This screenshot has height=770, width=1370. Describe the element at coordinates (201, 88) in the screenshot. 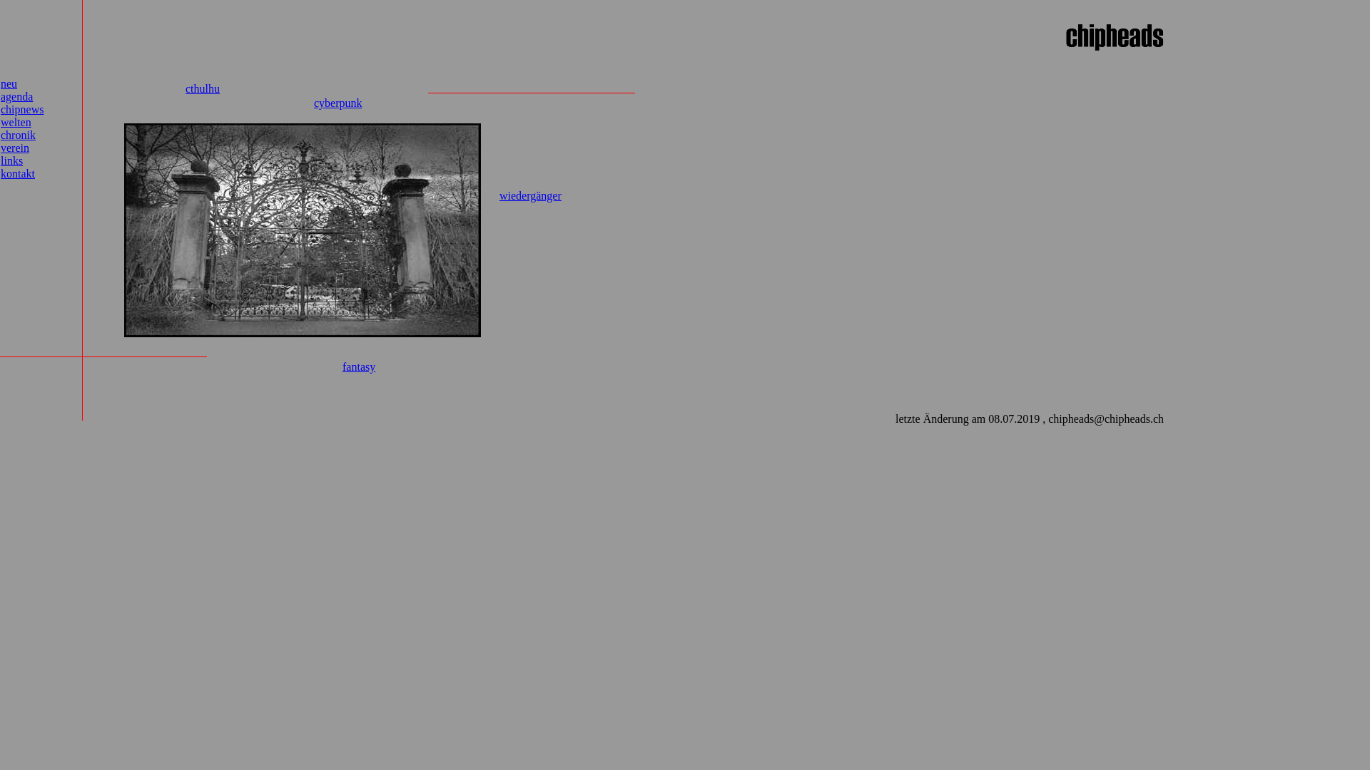

I see `'cthulhu'` at that location.